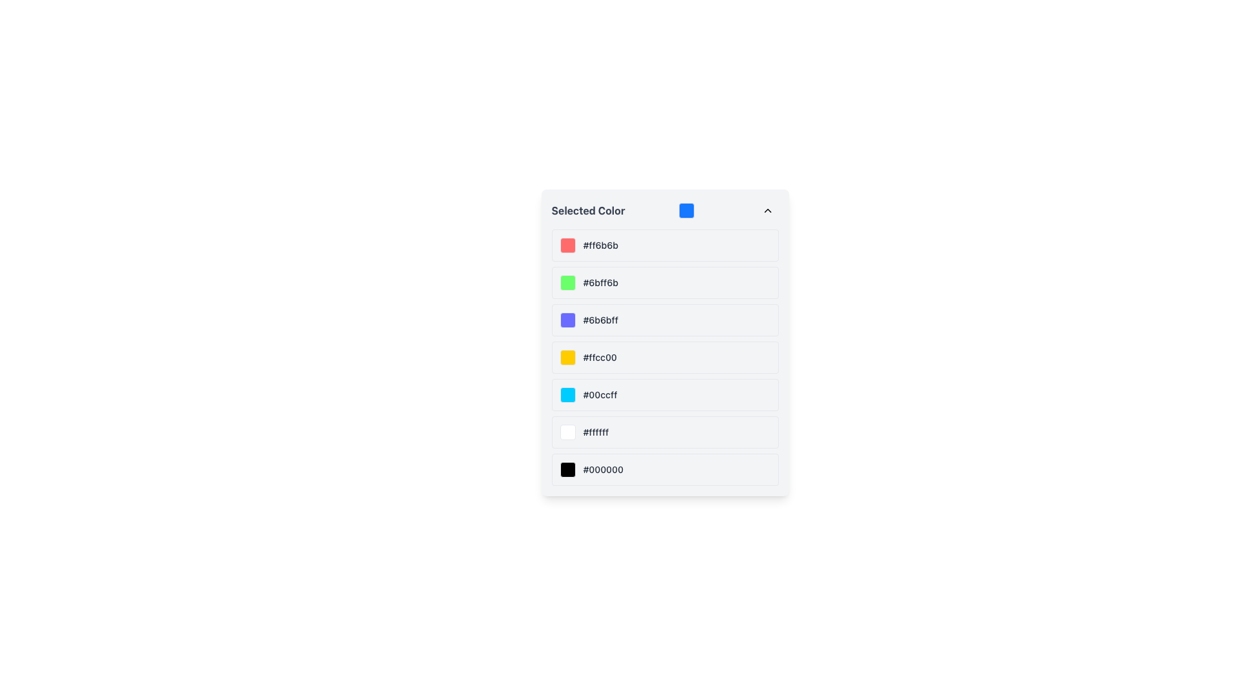 This screenshot has width=1238, height=696. What do you see at coordinates (600, 282) in the screenshot?
I see `the static text displaying the hexadecimal color code '#6bff6b', which is located in the second row of the color options list, to the right of the green square icon` at bounding box center [600, 282].